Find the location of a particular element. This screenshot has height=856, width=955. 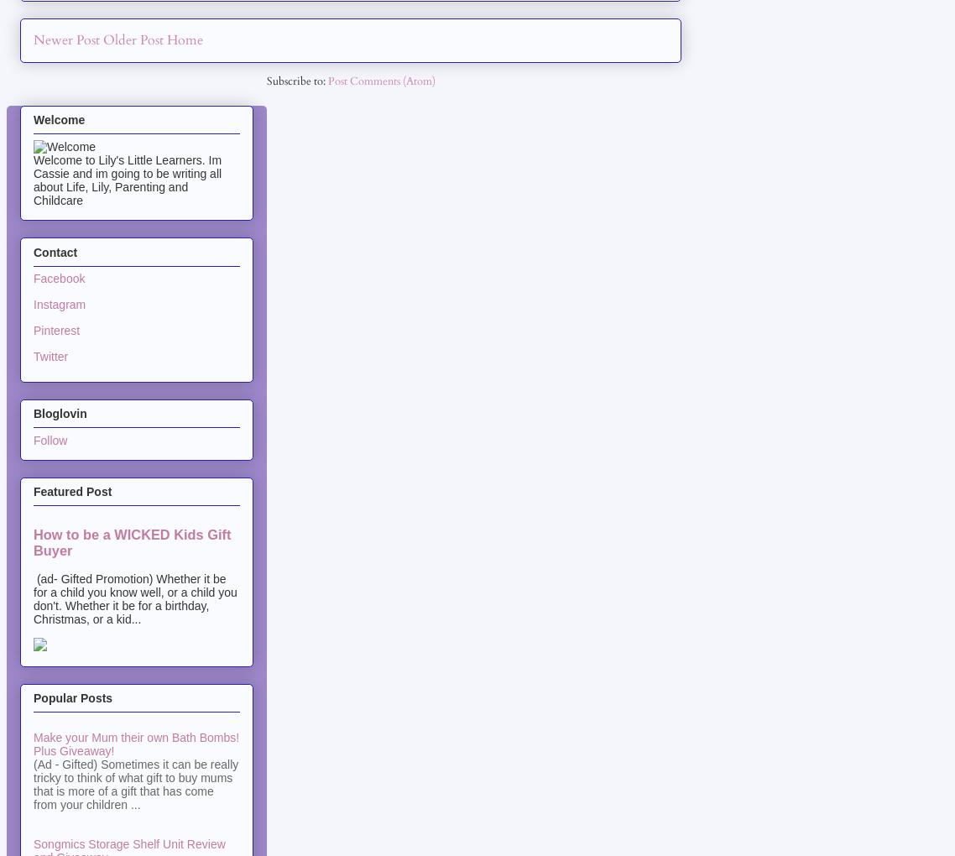

'Subscribe to:' is located at coordinates (296, 79).